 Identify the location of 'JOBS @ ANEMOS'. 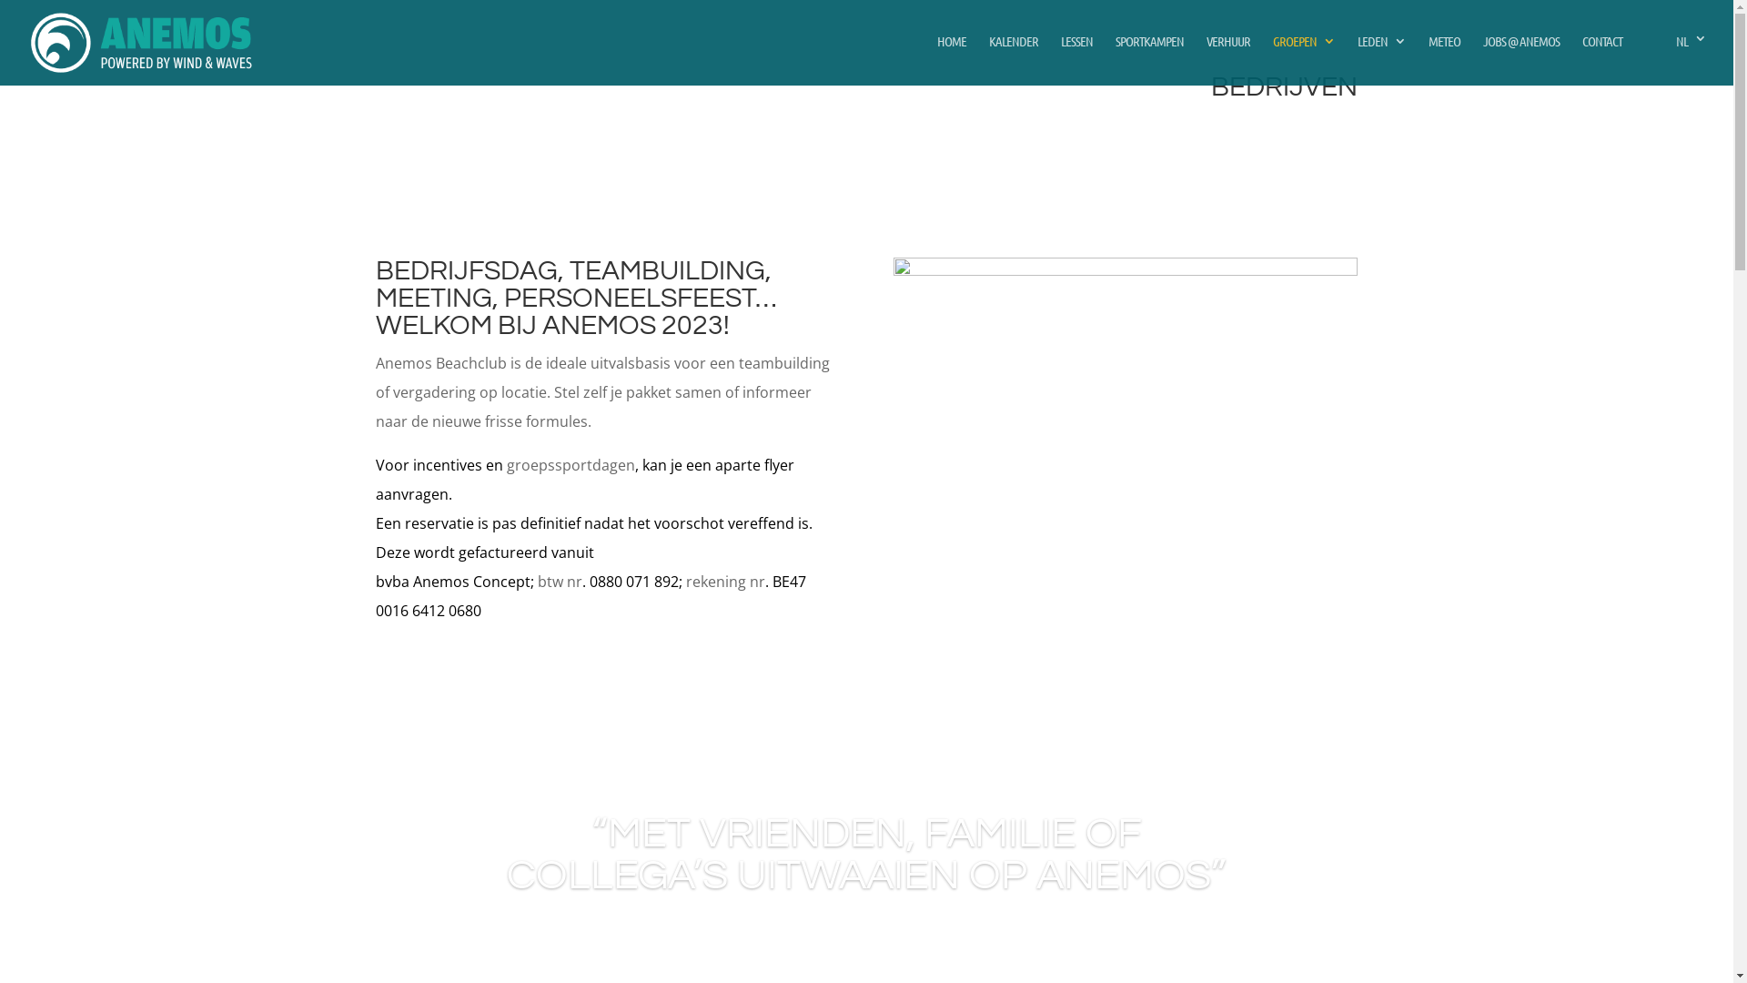
(1520, 56).